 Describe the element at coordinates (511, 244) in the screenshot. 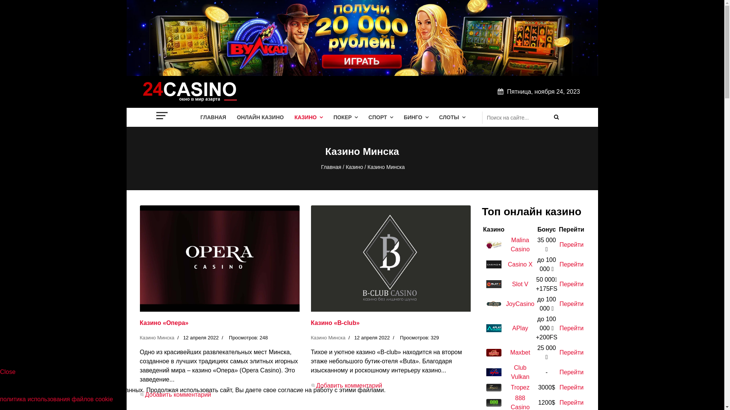

I see `'Malina Casino'` at that location.